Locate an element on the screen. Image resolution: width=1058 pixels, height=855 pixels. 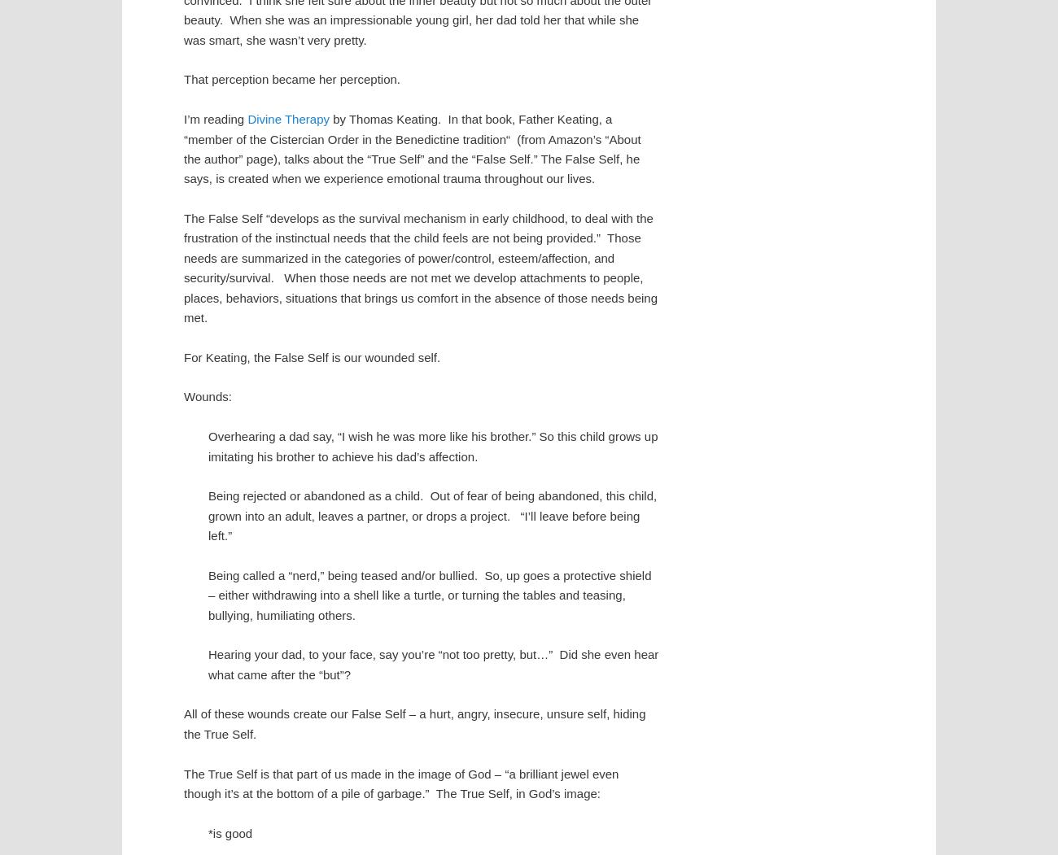
'Overhearing a dad say, “I wish he was more like his brother.” So this child grows up imitating his brother to achieve his dad’s affection.' is located at coordinates (432, 445).